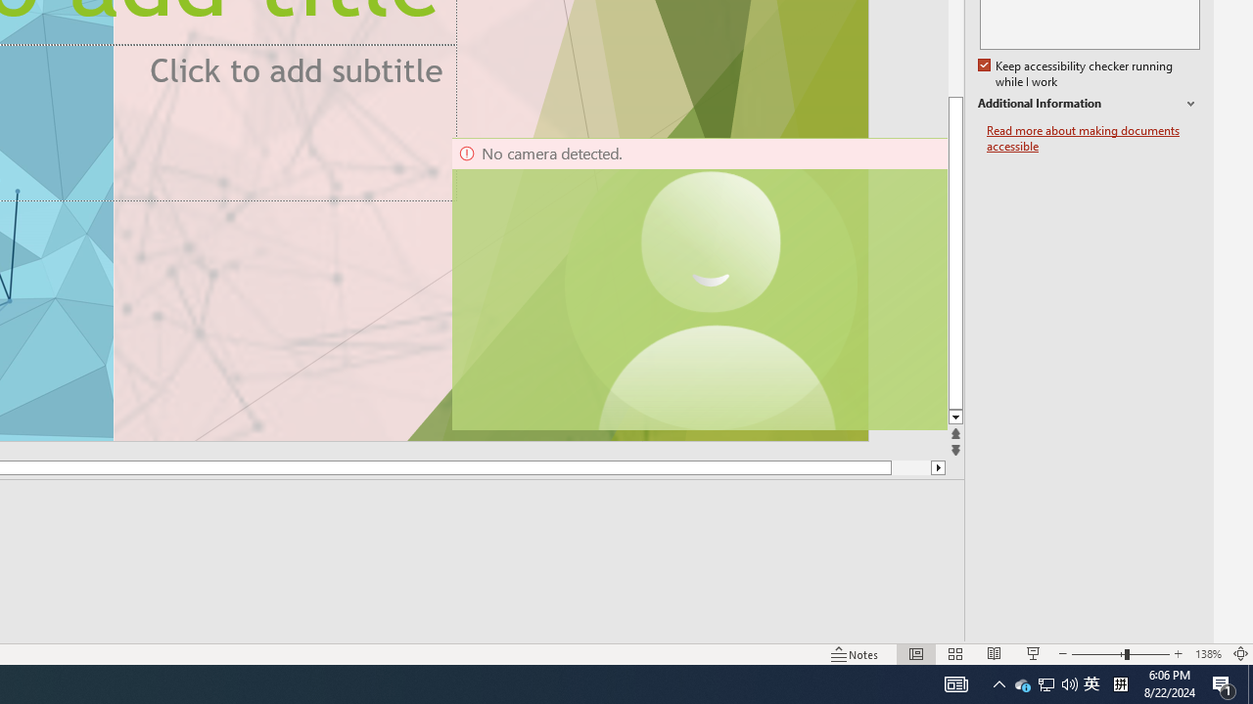 The image size is (1253, 704). I want to click on 'Camera 11, No camera detected.', so click(711, 284).